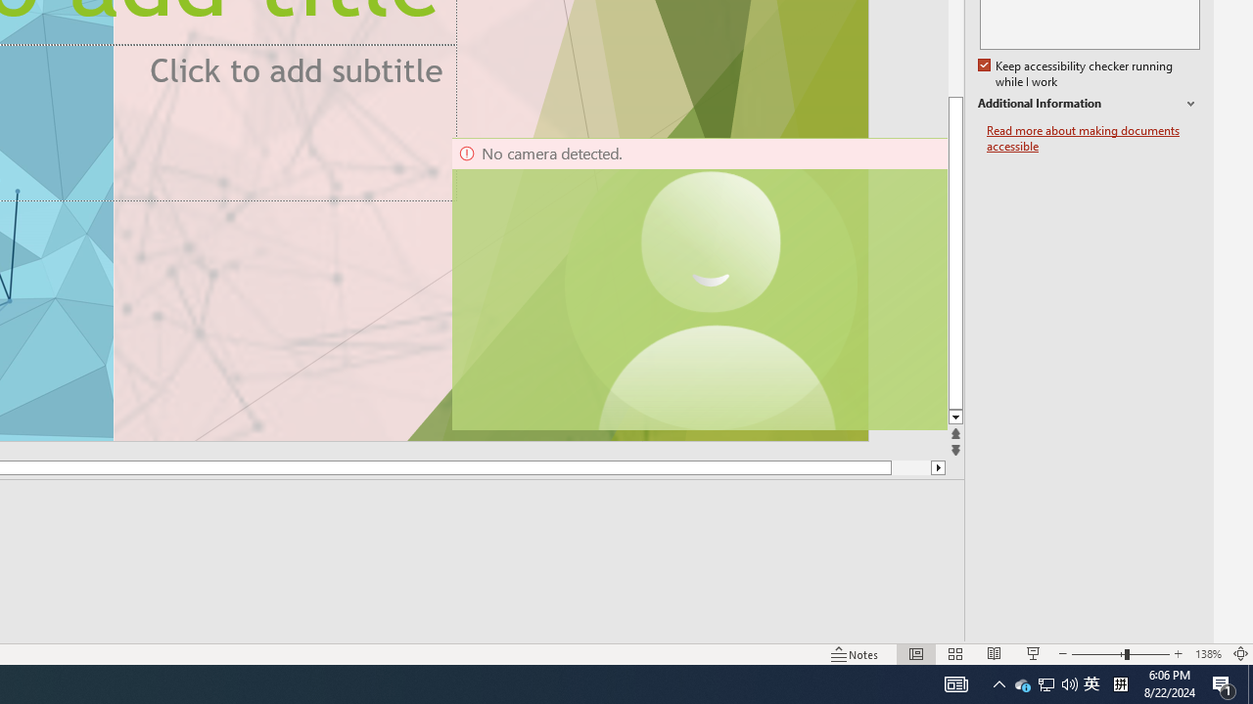 The image size is (1253, 704). I want to click on 'Camera 11, No camera detected.', so click(711, 284).